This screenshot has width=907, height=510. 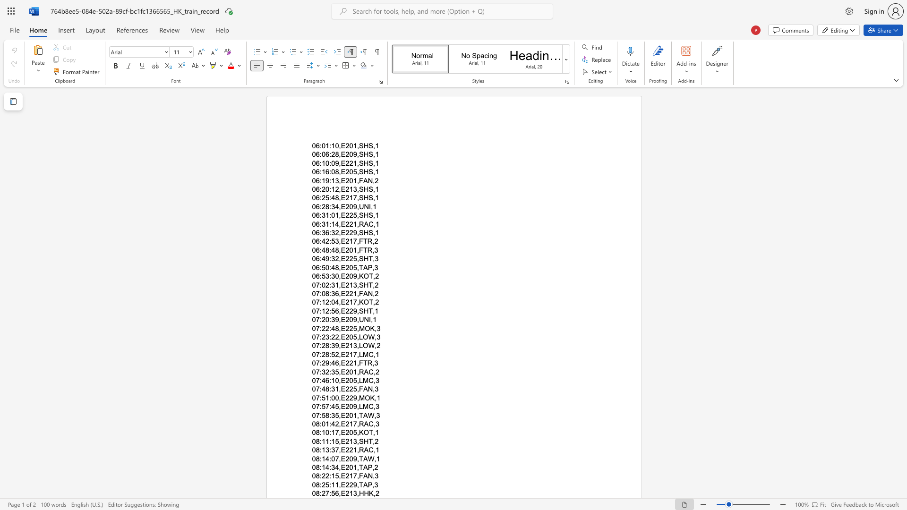 What do you see at coordinates (352, 458) in the screenshot?
I see `the subset text "9,TA" within the text "08:14:07,E209,TAW,1"` at bounding box center [352, 458].